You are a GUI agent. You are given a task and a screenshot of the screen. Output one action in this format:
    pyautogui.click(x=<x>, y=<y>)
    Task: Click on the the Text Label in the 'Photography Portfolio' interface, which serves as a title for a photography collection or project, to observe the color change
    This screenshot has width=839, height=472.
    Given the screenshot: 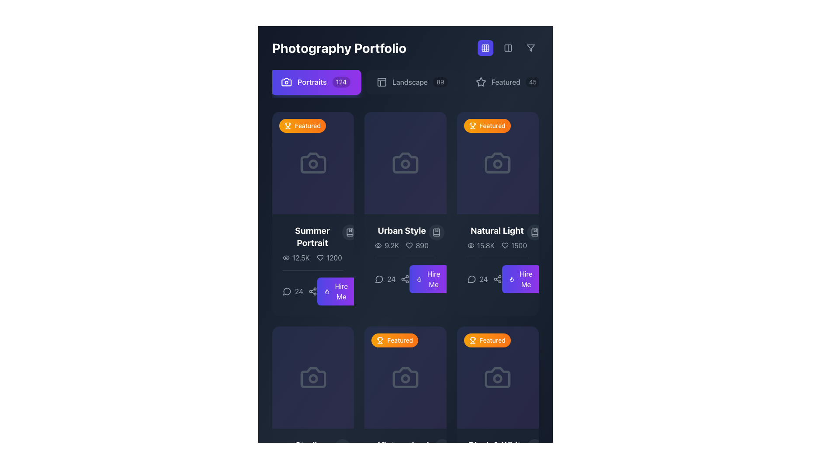 What is the action you would take?
    pyautogui.click(x=401, y=230)
    